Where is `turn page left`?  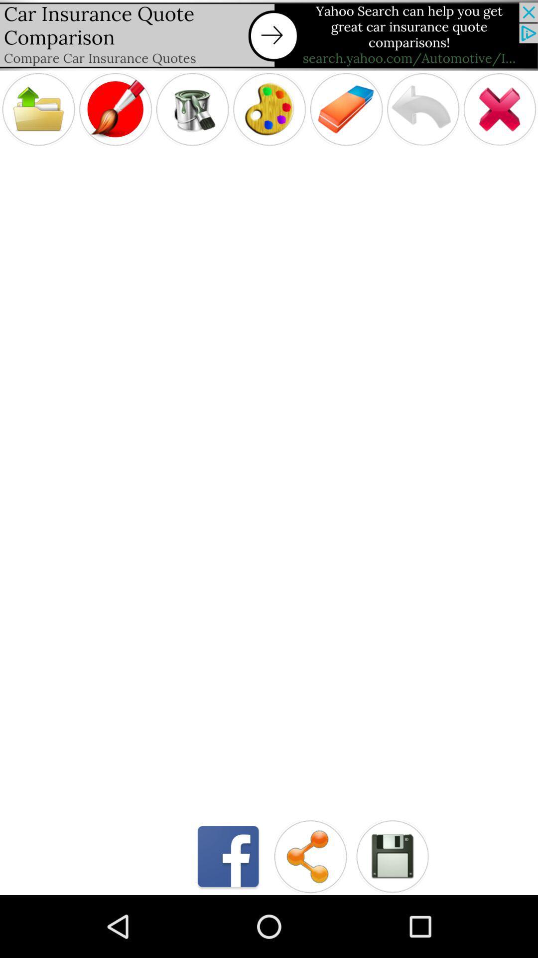 turn page left is located at coordinates (423, 109).